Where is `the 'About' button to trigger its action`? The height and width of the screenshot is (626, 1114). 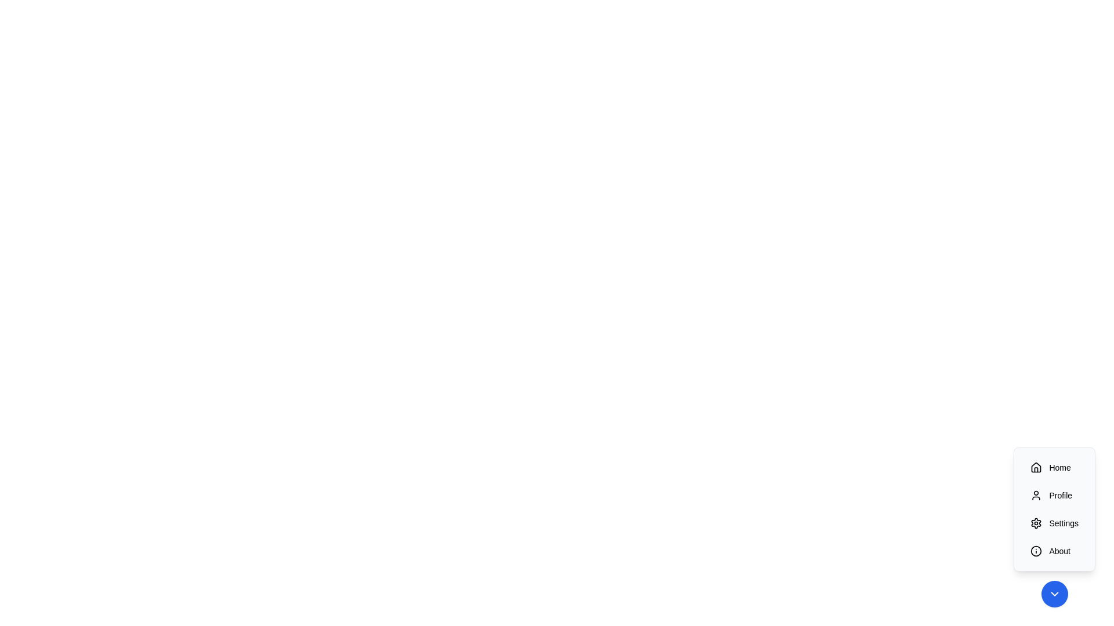 the 'About' button to trigger its action is located at coordinates (1054, 551).